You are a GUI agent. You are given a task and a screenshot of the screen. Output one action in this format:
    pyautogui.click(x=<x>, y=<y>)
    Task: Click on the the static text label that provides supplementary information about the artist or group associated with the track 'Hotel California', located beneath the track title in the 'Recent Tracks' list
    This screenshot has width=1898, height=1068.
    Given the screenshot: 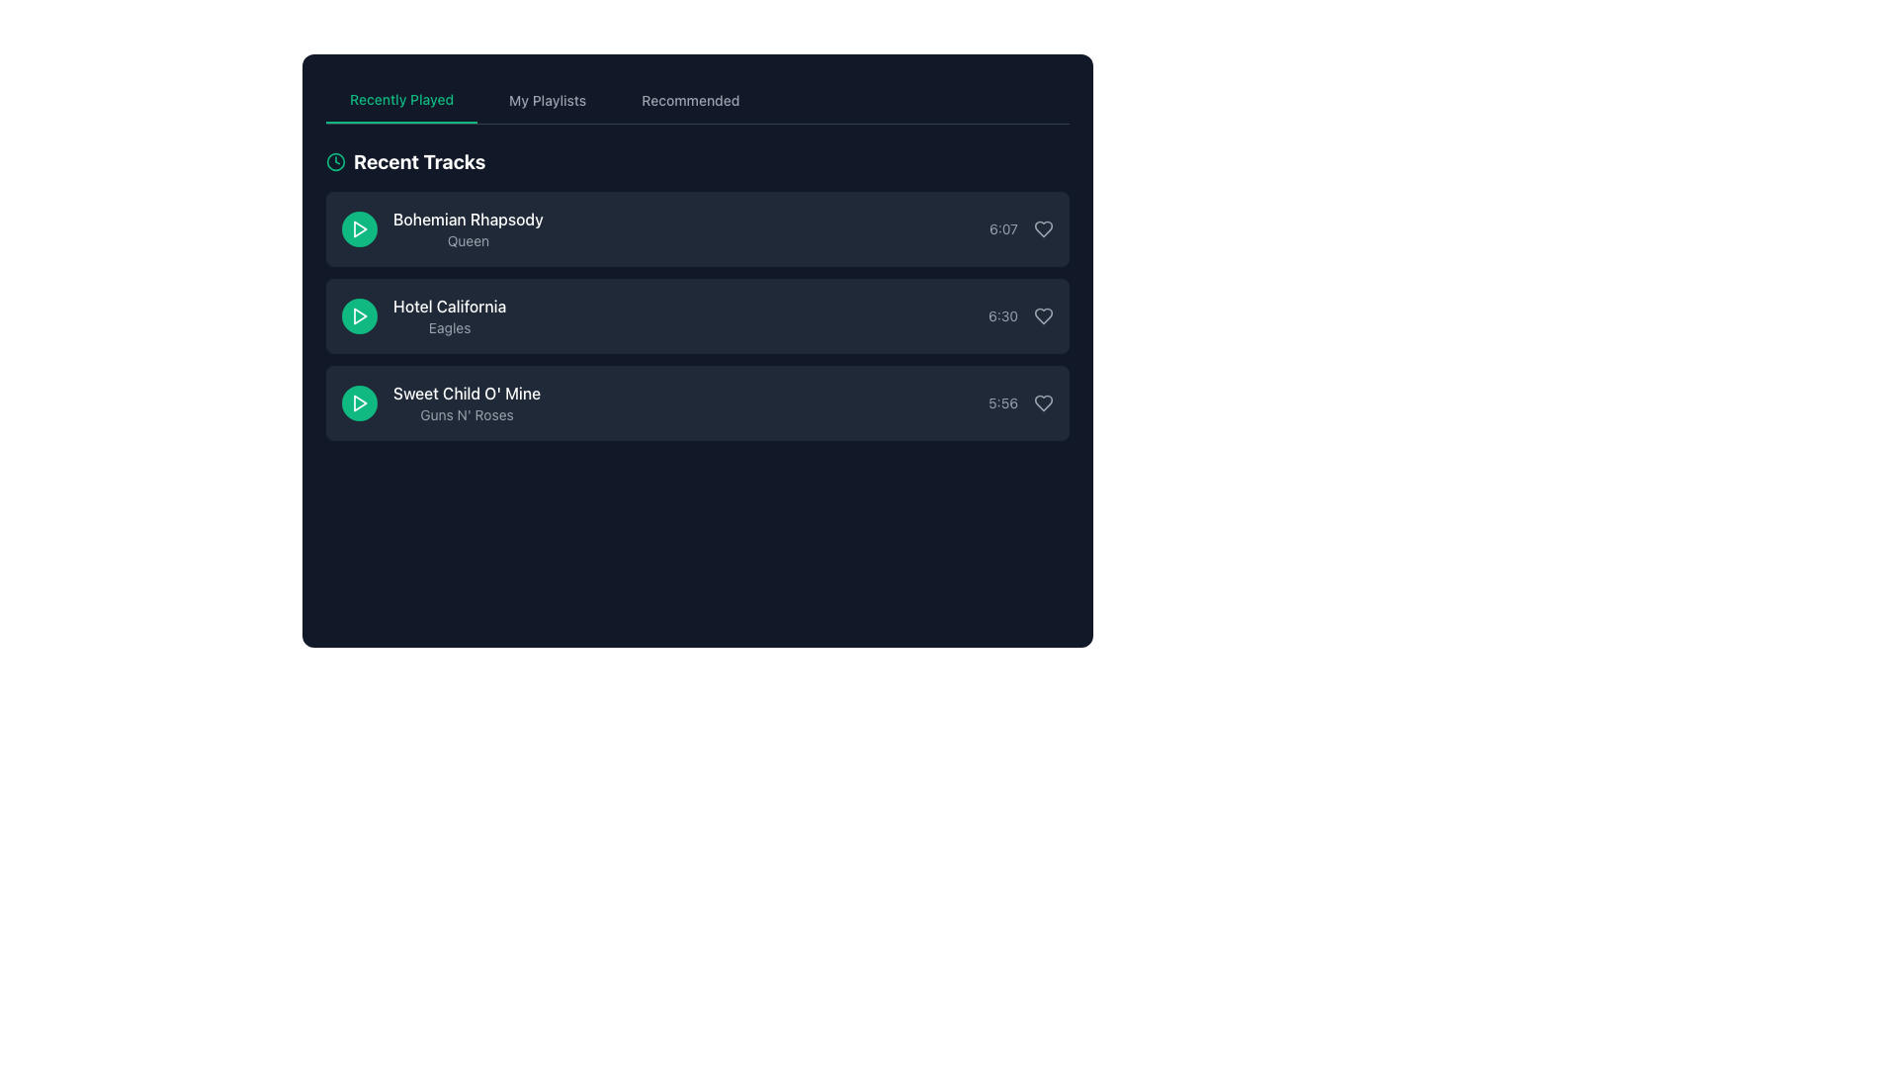 What is the action you would take?
    pyautogui.click(x=449, y=326)
    